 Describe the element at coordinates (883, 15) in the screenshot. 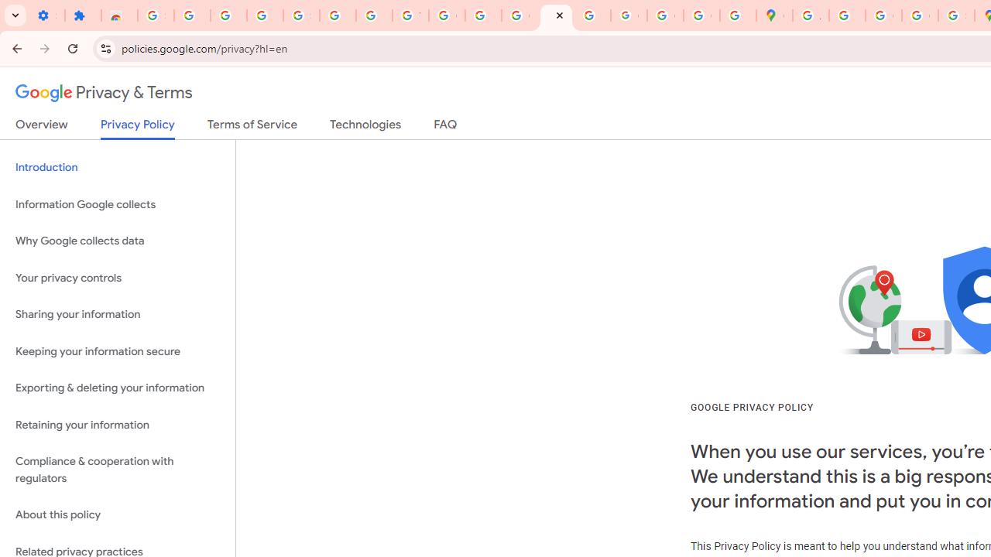

I see `'Create your Google Account'` at that location.